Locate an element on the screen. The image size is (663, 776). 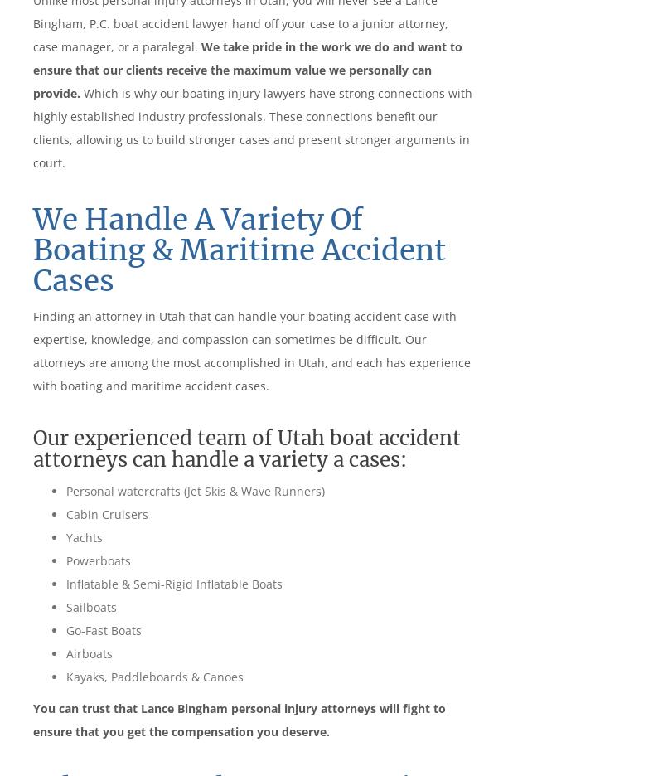
'You can trust that Lance Bingham personal injury attorneys will fight to ensure that you get the compensation you deserve.' is located at coordinates (240, 718).